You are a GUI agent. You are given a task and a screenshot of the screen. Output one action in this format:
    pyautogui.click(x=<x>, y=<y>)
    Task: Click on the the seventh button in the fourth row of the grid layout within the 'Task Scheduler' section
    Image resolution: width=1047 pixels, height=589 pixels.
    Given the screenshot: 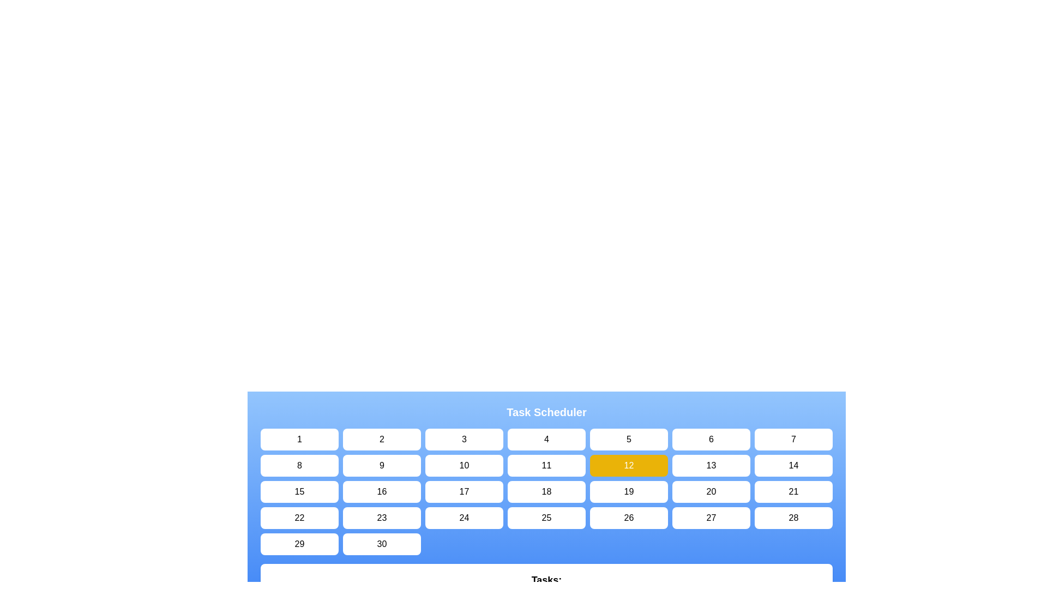 What is the action you would take?
    pyautogui.click(x=711, y=517)
    